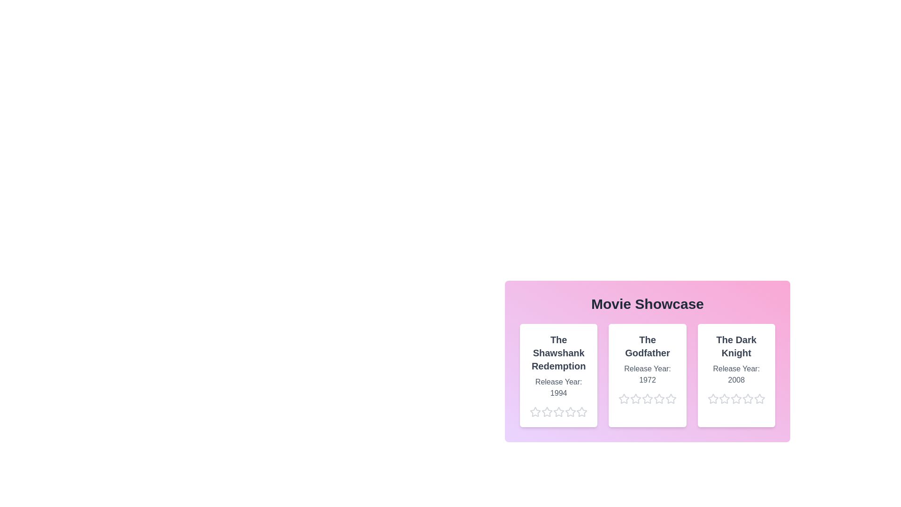  What do you see at coordinates (718, 399) in the screenshot?
I see `the star corresponding to 2 stars for the movie The Dark Knight` at bounding box center [718, 399].